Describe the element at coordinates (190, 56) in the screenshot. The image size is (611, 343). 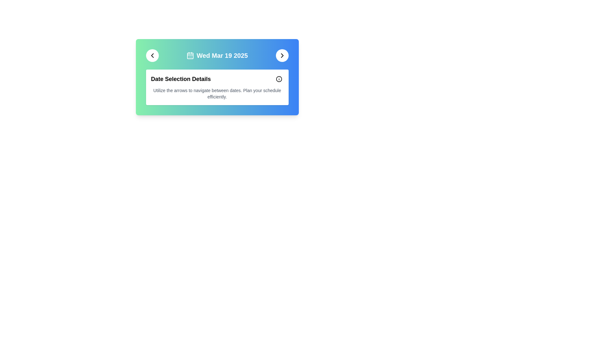
I see `the small rectangle with slightly rounded corners that is part of the calendar icon within the SVG group` at that location.